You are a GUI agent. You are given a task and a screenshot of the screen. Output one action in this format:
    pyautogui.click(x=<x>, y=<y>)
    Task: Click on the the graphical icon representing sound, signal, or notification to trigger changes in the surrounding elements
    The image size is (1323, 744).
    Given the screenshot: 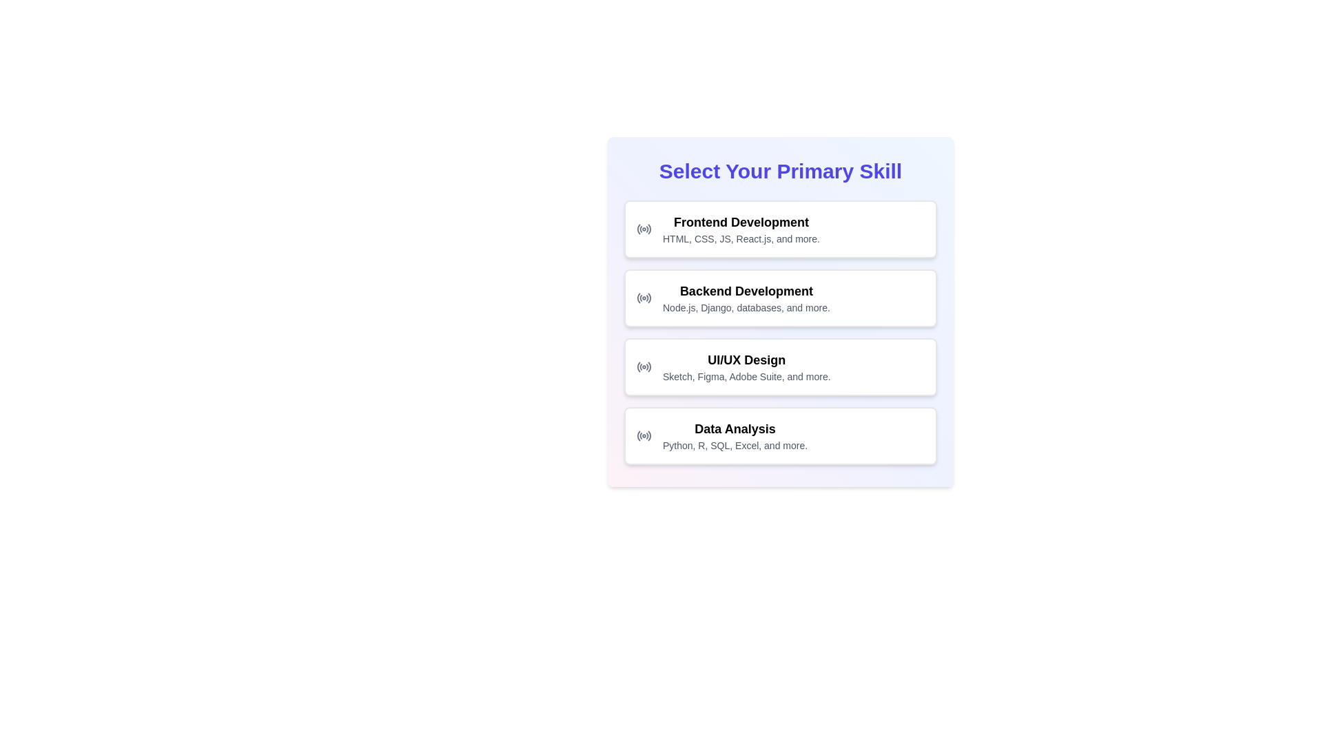 What is the action you would take?
    pyautogui.click(x=637, y=297)
    